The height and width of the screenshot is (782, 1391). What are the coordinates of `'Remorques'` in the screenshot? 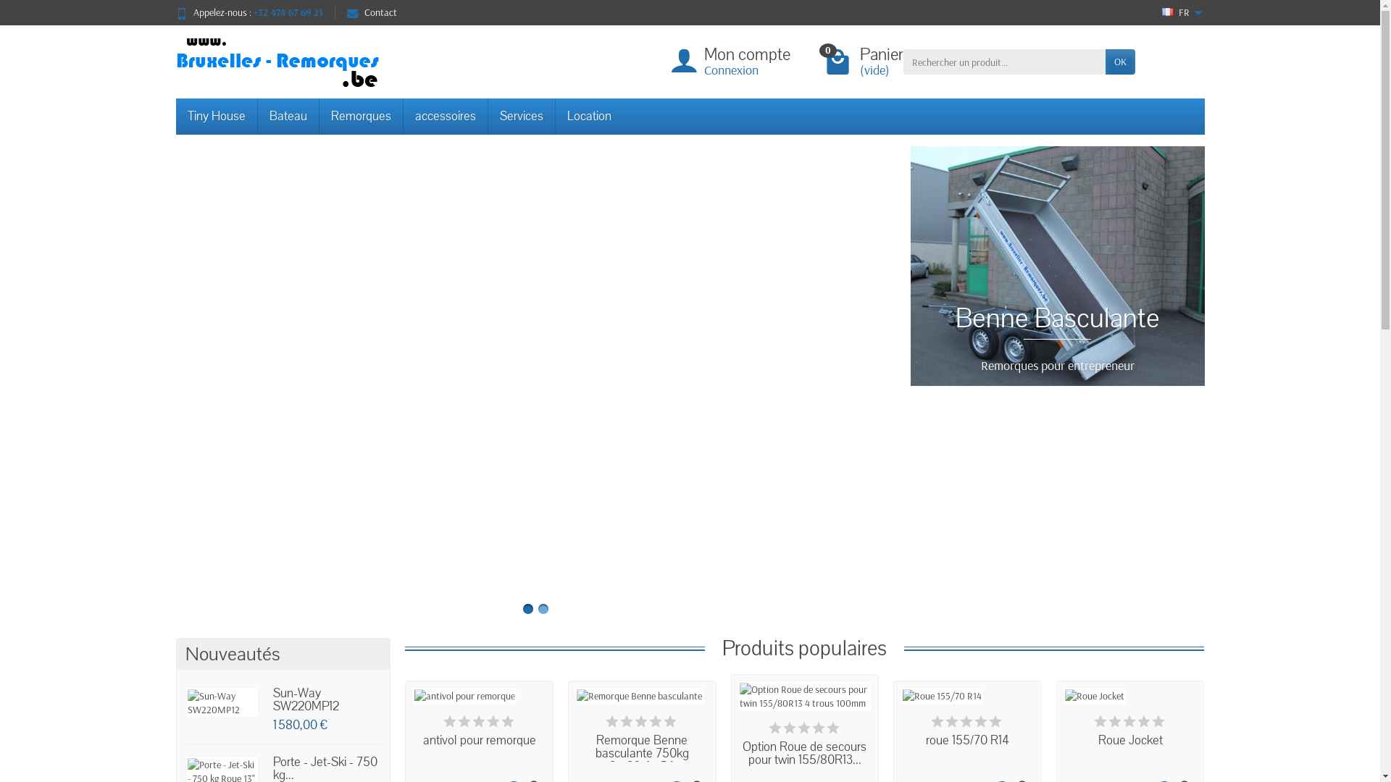 It's located at (318, 116).